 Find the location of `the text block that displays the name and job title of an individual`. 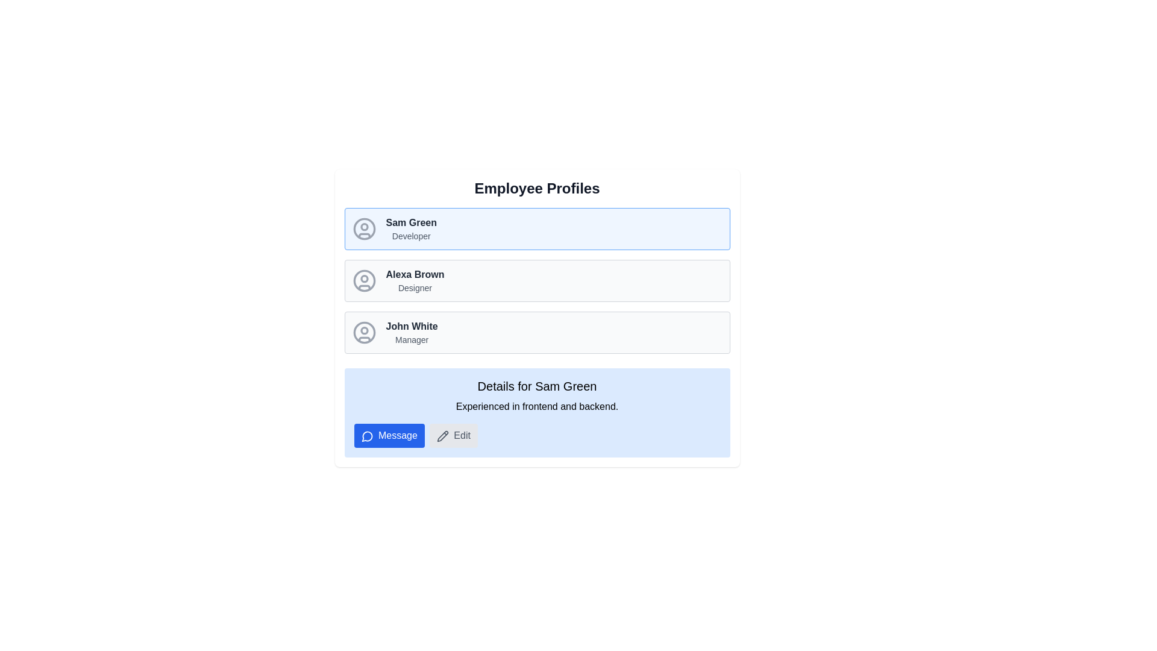

the text block that displays the name and job title of an individual is located at coordinates (411, 229).